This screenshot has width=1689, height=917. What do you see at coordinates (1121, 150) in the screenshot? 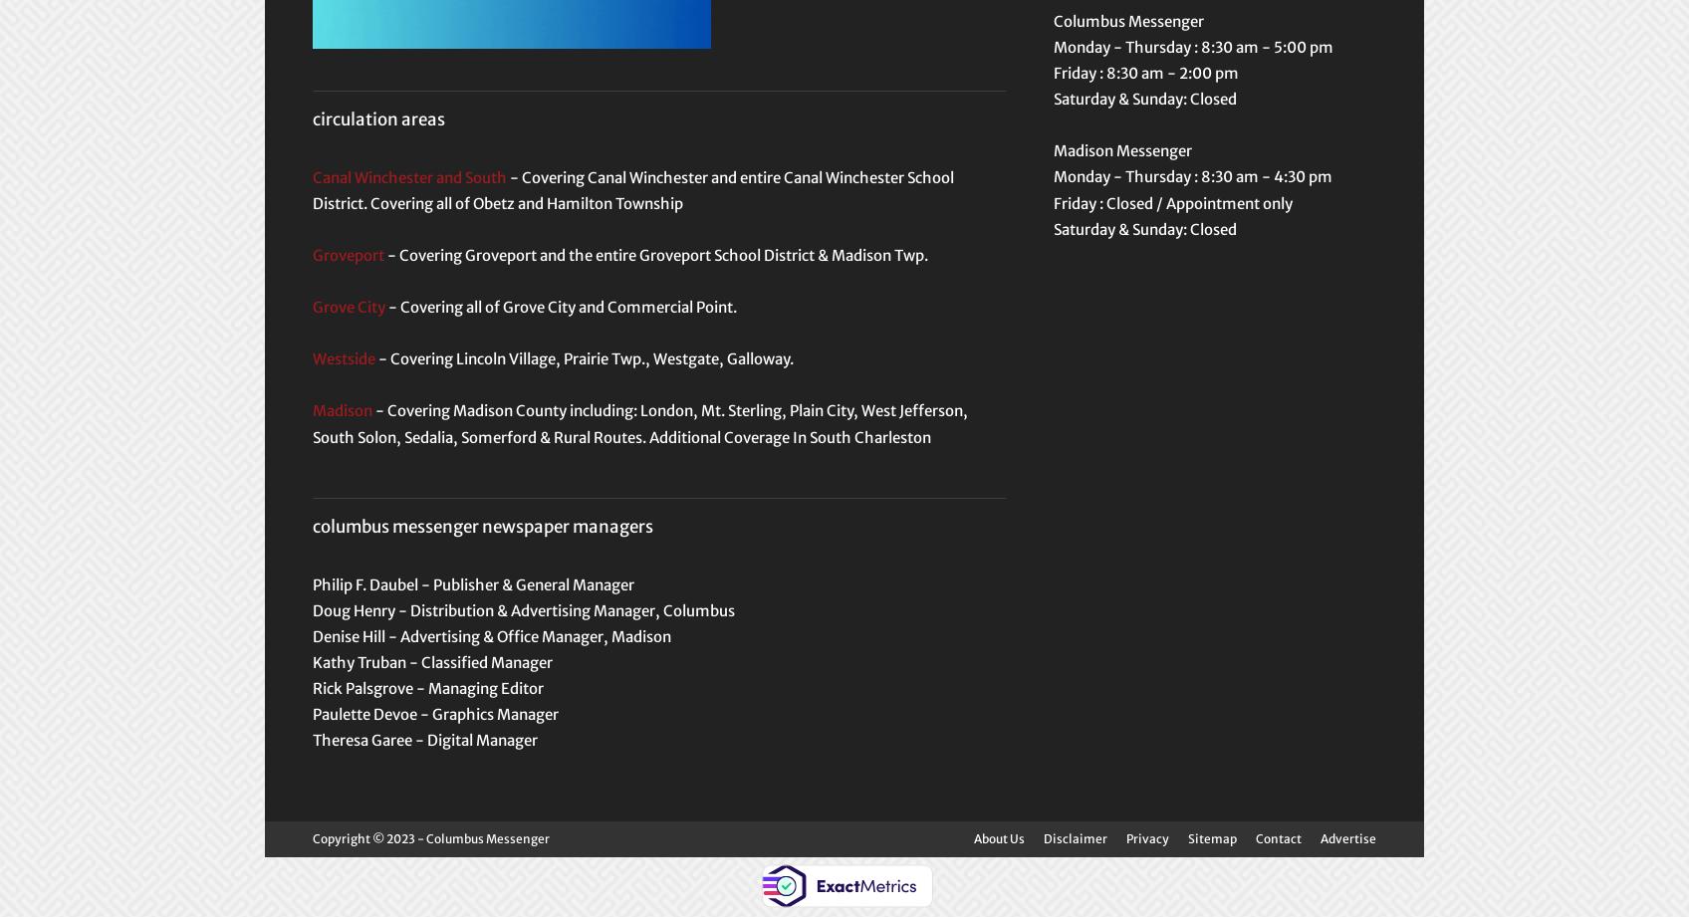
I see `'Madison Messenger'` at bounding box center [1121, 150].